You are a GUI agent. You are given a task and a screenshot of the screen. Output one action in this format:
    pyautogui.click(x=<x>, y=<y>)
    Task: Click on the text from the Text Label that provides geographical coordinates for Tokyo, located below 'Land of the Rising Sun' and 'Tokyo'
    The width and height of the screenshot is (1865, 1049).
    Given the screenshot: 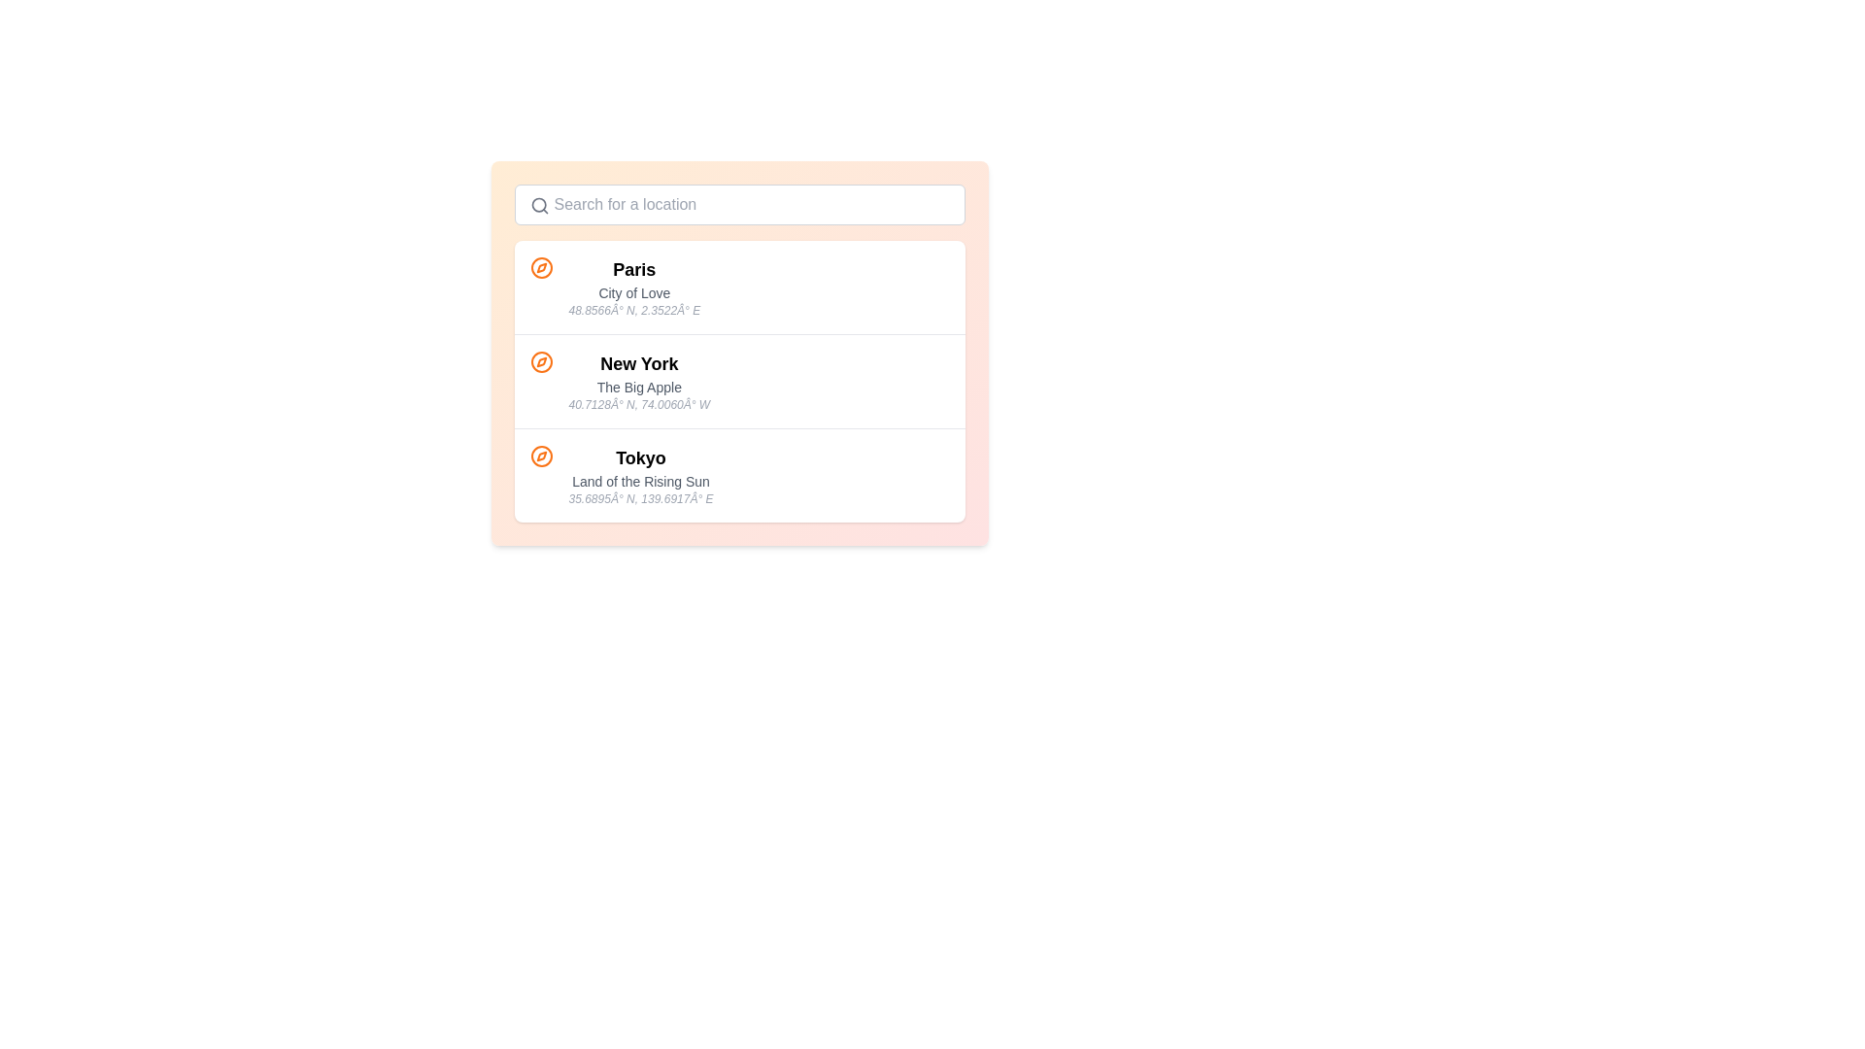 What is the action you would take?
    pyautogui.click(x=641, y=497)
    